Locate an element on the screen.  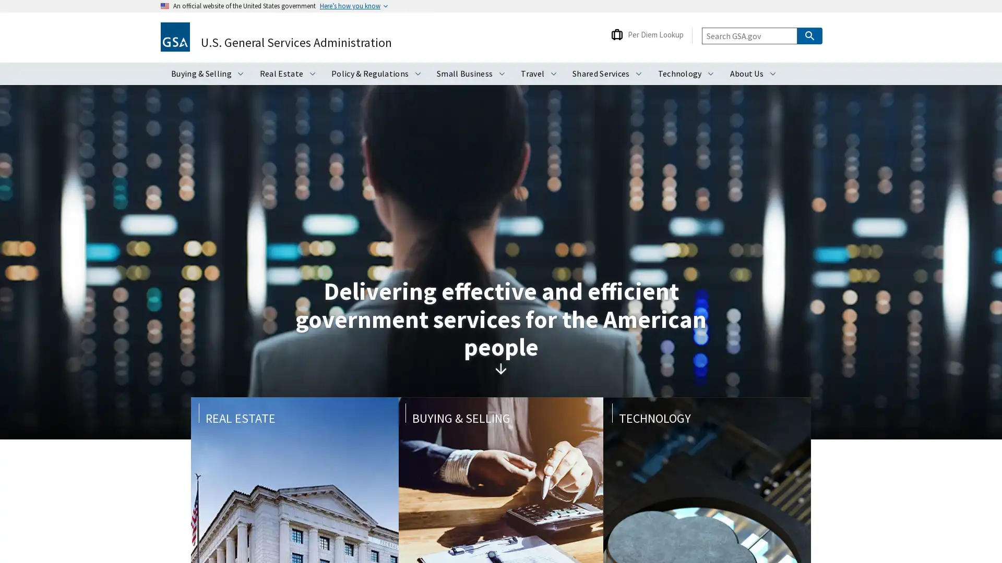
Search is located at coordinates (809, 35).